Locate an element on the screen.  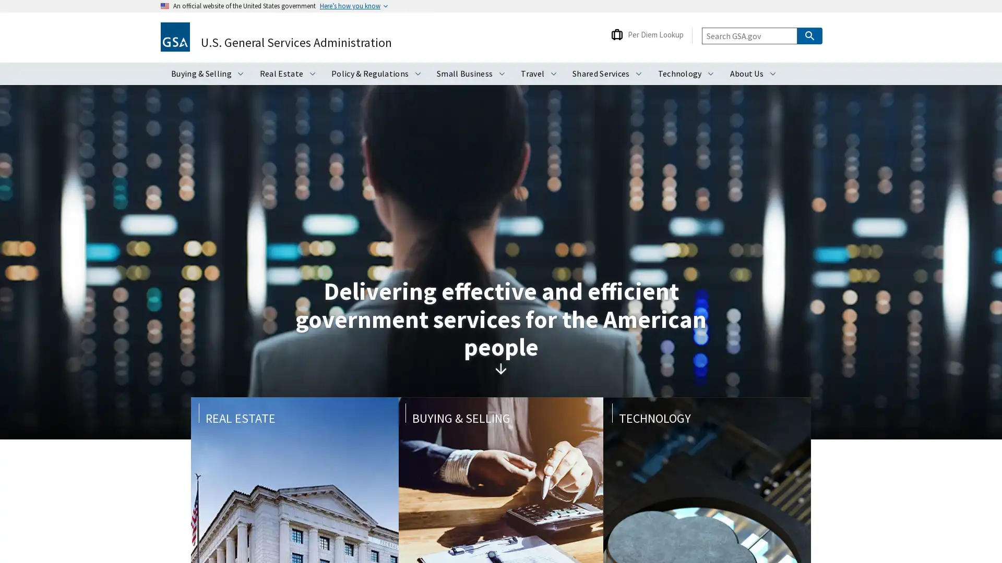
Search is located at coordinates (809, 35).